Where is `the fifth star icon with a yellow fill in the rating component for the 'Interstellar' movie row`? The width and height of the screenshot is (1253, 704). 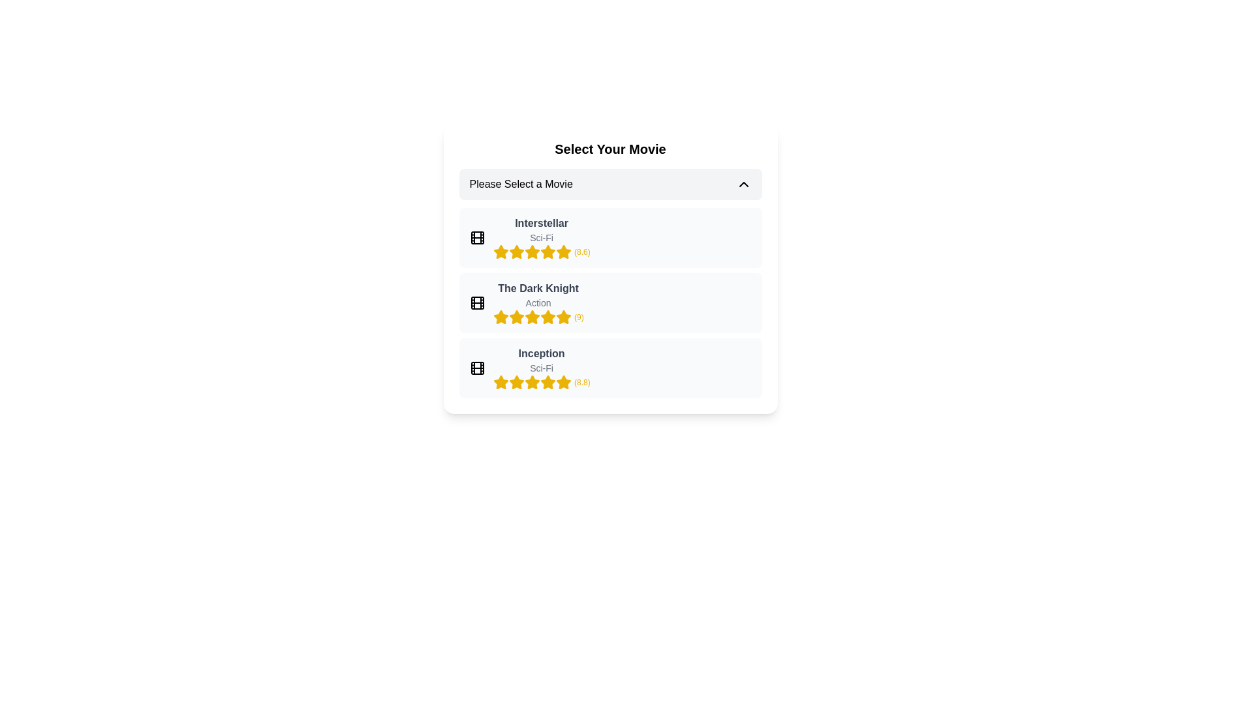
the fifth star icon with a yellow fill in the rating component for the 'Interstellar' movie row is located at coordinates (563, 252).